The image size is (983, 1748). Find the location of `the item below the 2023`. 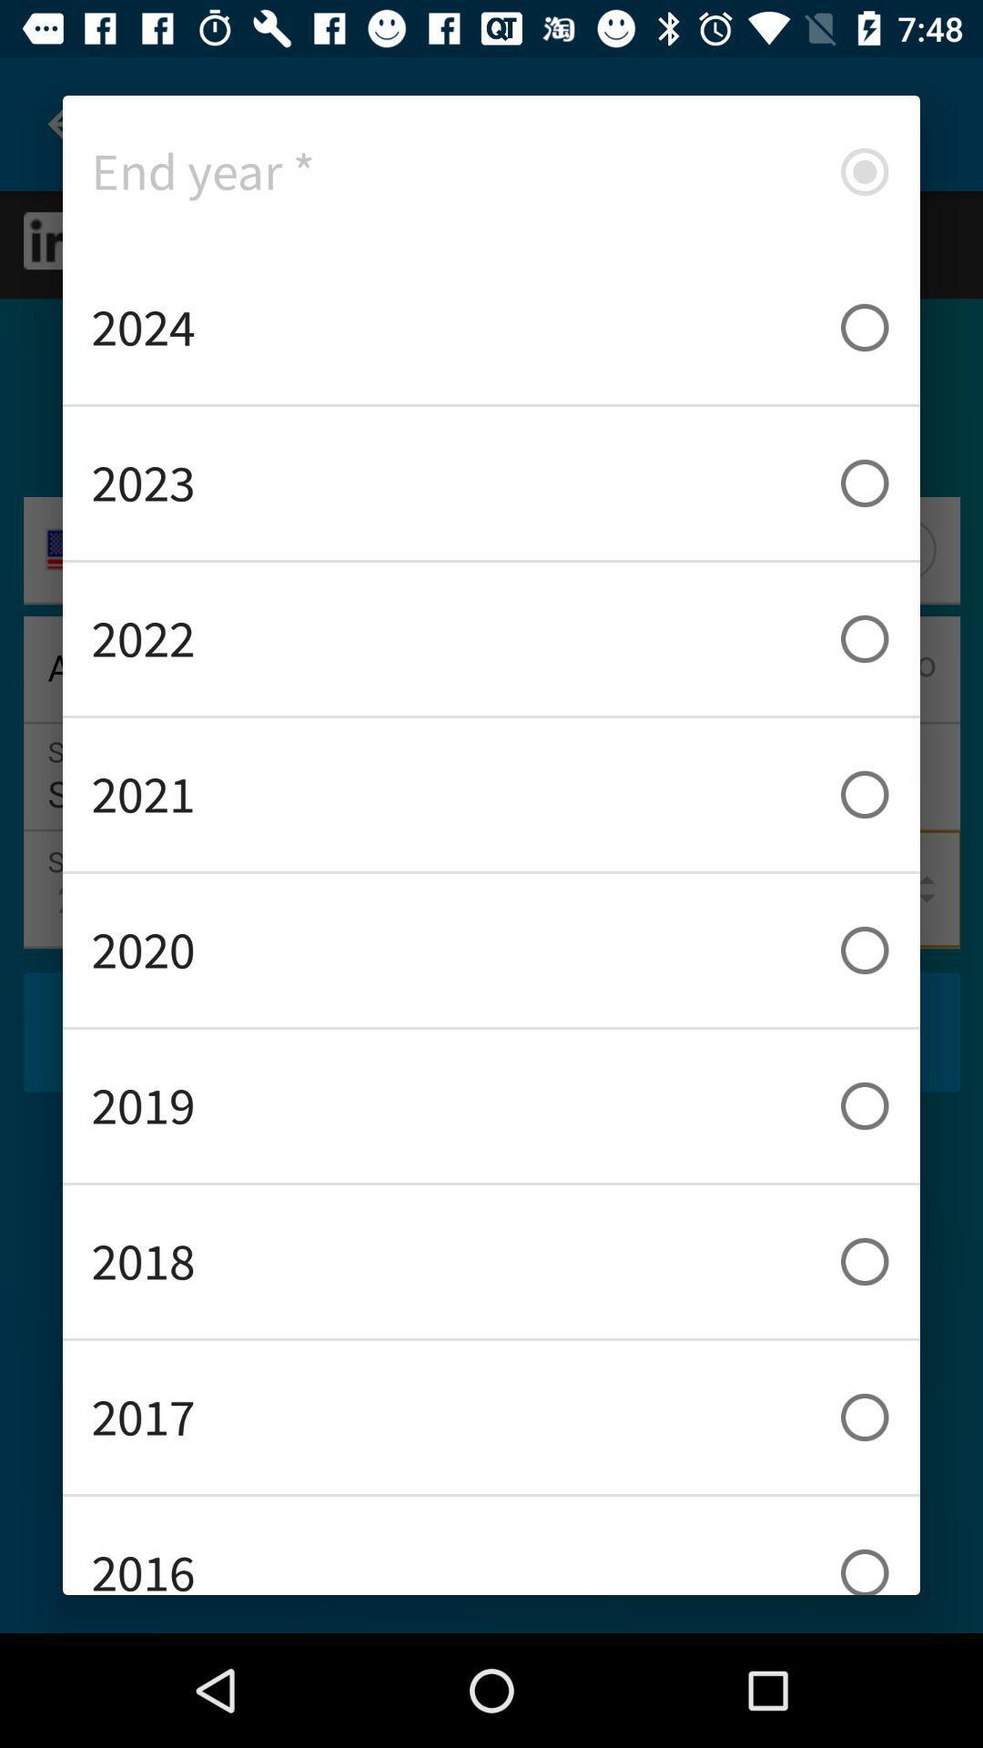

the item below the 2023 is located at coordinates (491, 638).